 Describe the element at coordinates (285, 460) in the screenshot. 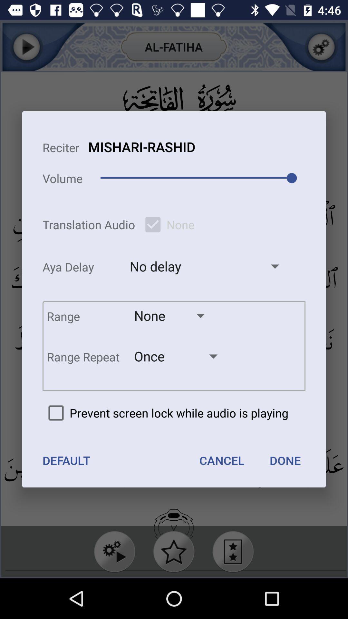

I see `done at the bottom right corner` at that location.